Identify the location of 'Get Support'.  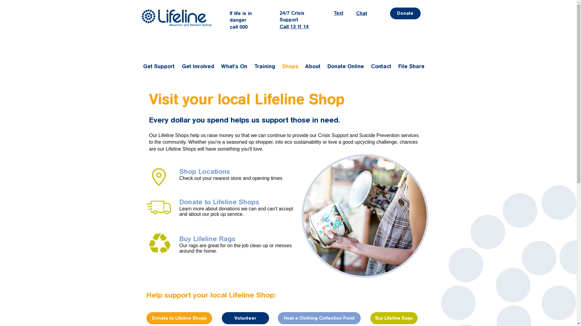
(139, 66).